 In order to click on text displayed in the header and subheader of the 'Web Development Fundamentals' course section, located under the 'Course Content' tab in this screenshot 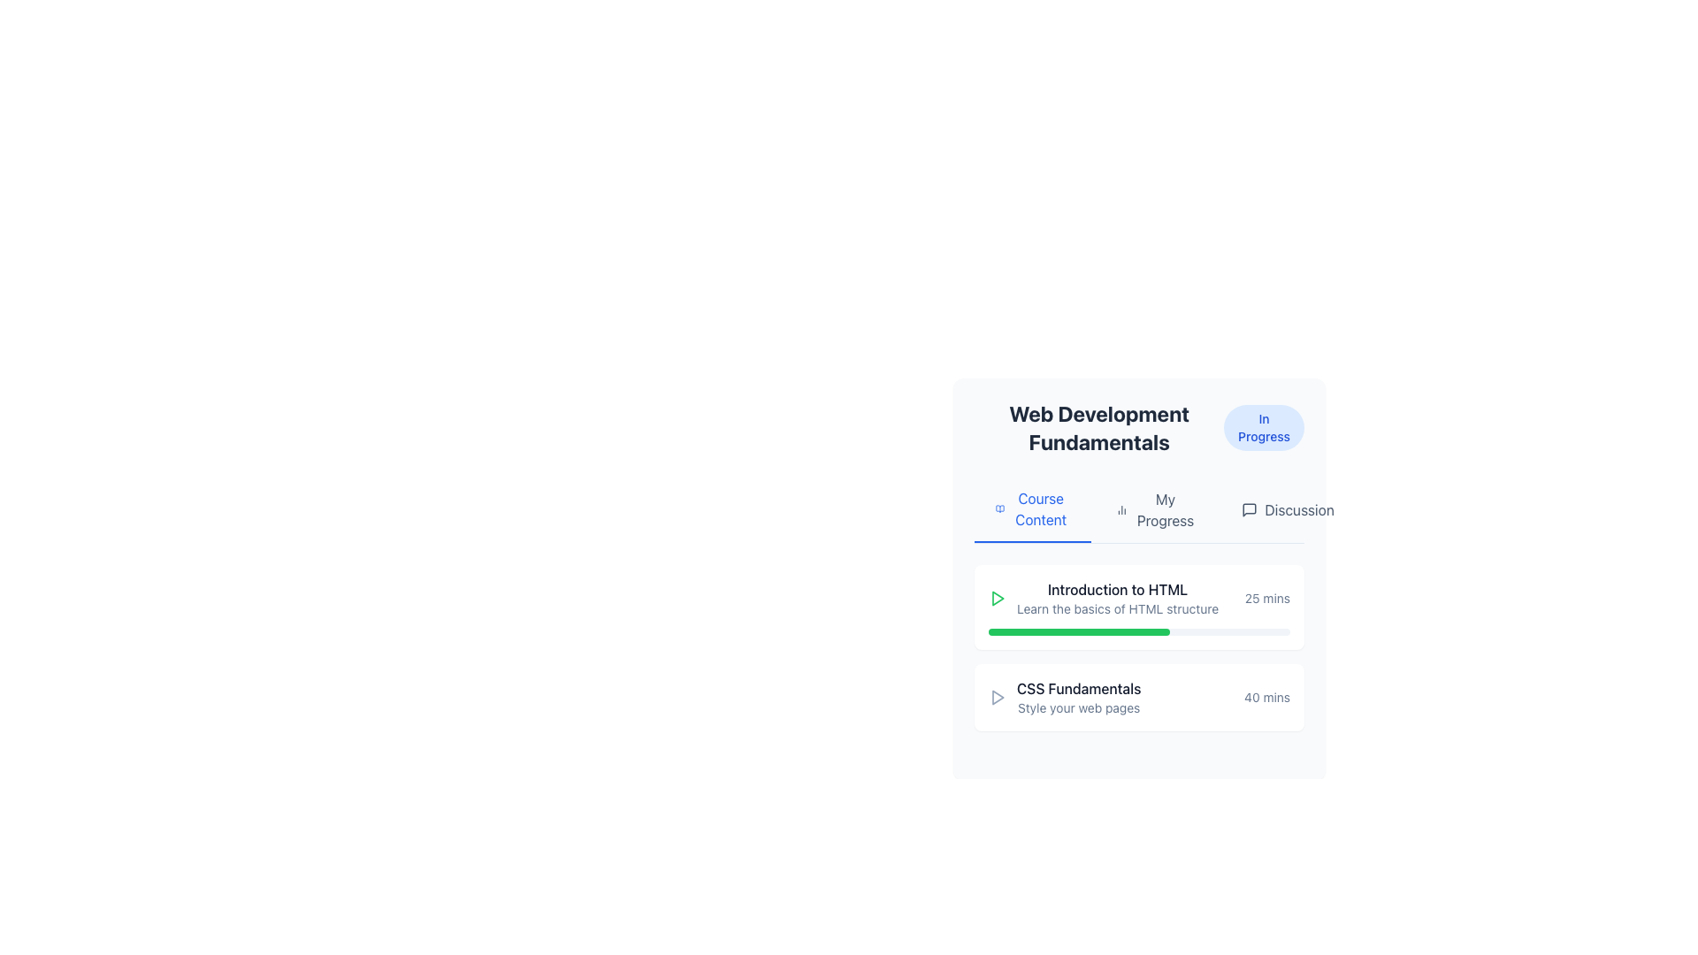, I will do `click(1117, 598)`.